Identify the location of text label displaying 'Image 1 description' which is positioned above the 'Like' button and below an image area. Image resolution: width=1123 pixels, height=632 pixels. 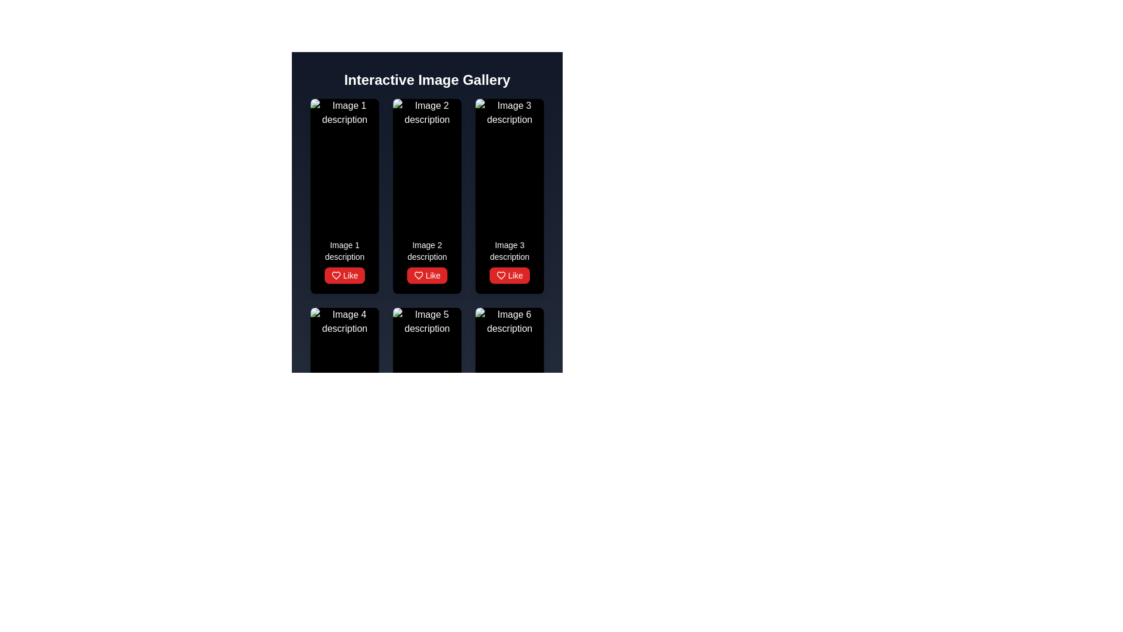
(344, 250).